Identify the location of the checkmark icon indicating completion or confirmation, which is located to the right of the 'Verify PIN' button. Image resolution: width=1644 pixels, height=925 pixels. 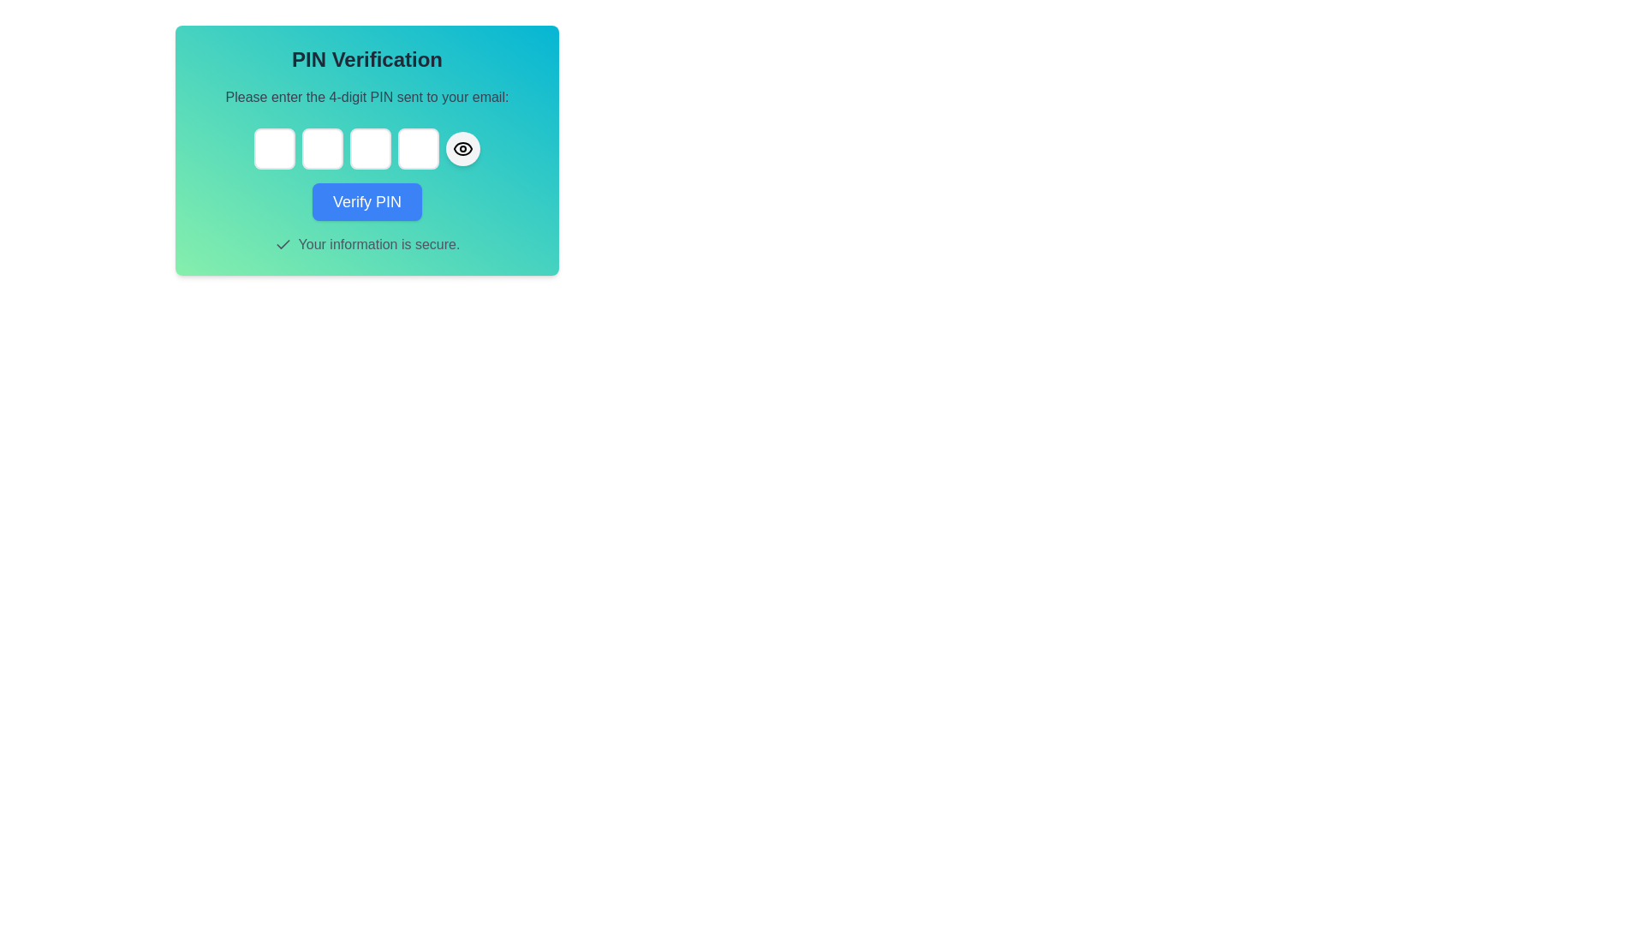
(283, 244).